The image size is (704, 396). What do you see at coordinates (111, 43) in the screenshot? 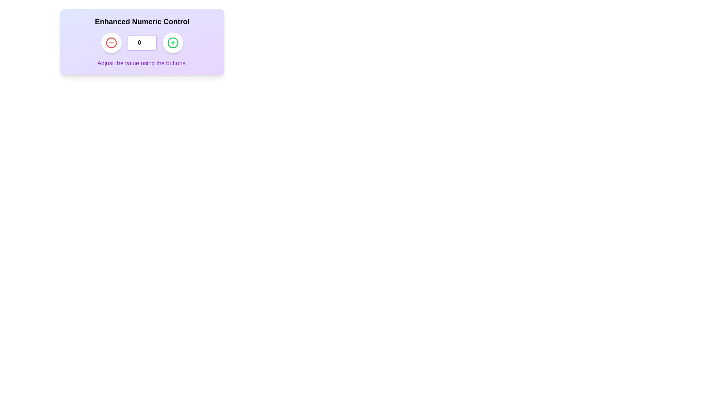
I see `the button that decreases the numeric value displayed in the adjacent input field to activate keyboard interaction` at bounding box center [111, 43].